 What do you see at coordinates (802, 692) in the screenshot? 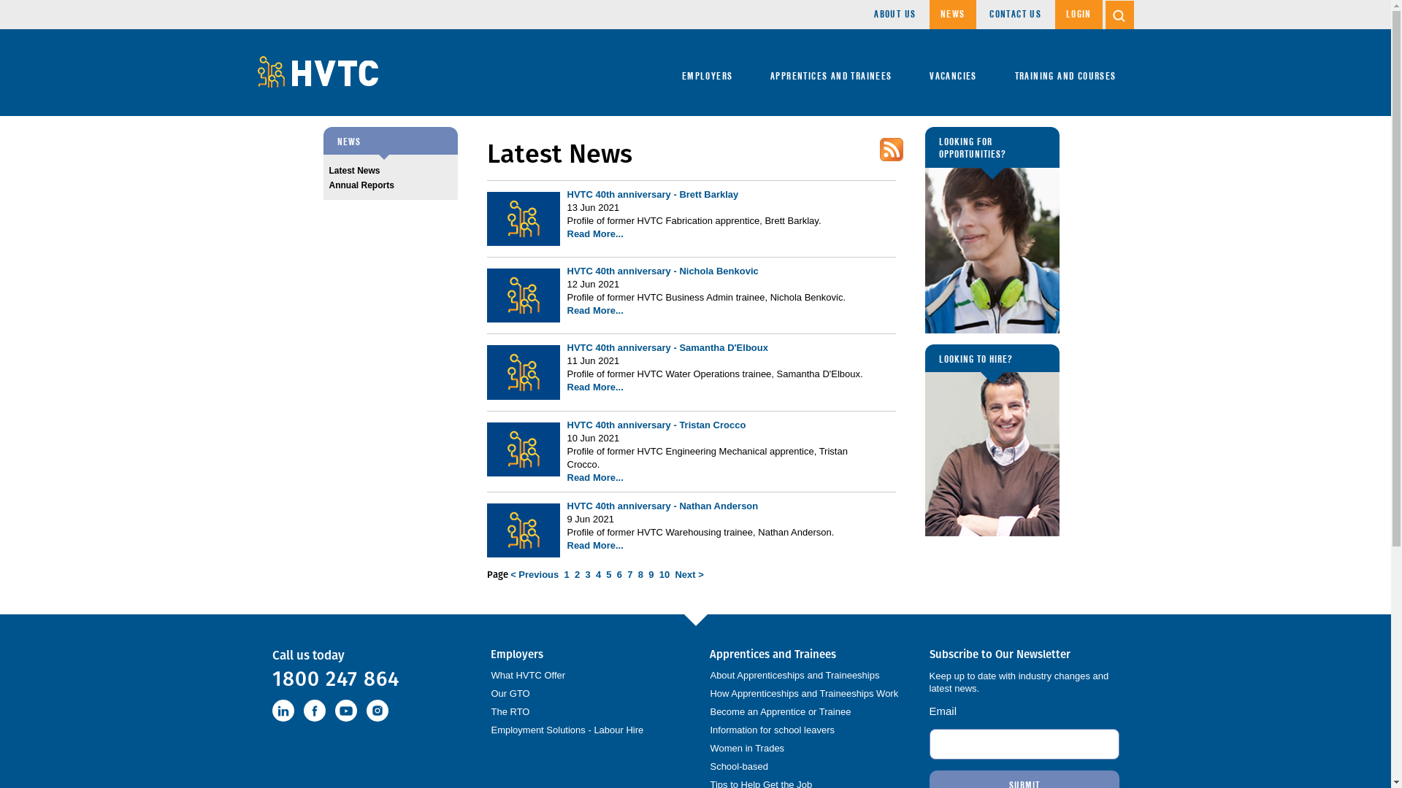
I see `'How Apprenticeships and Traineeships Work'` at bounding box center [802, 692].